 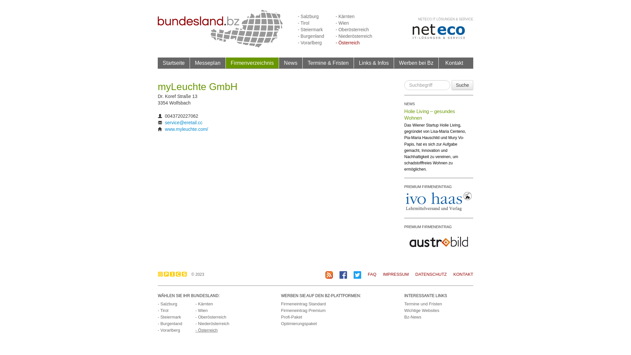 I want to click on 'Startseite', so click(x=174, y=63).